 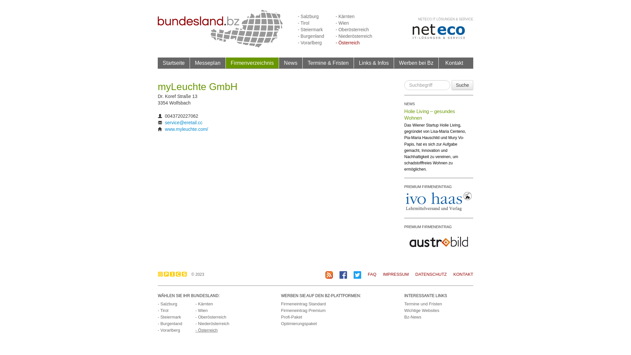 I want to click on 'Startseite', so click(x=174, y=63).